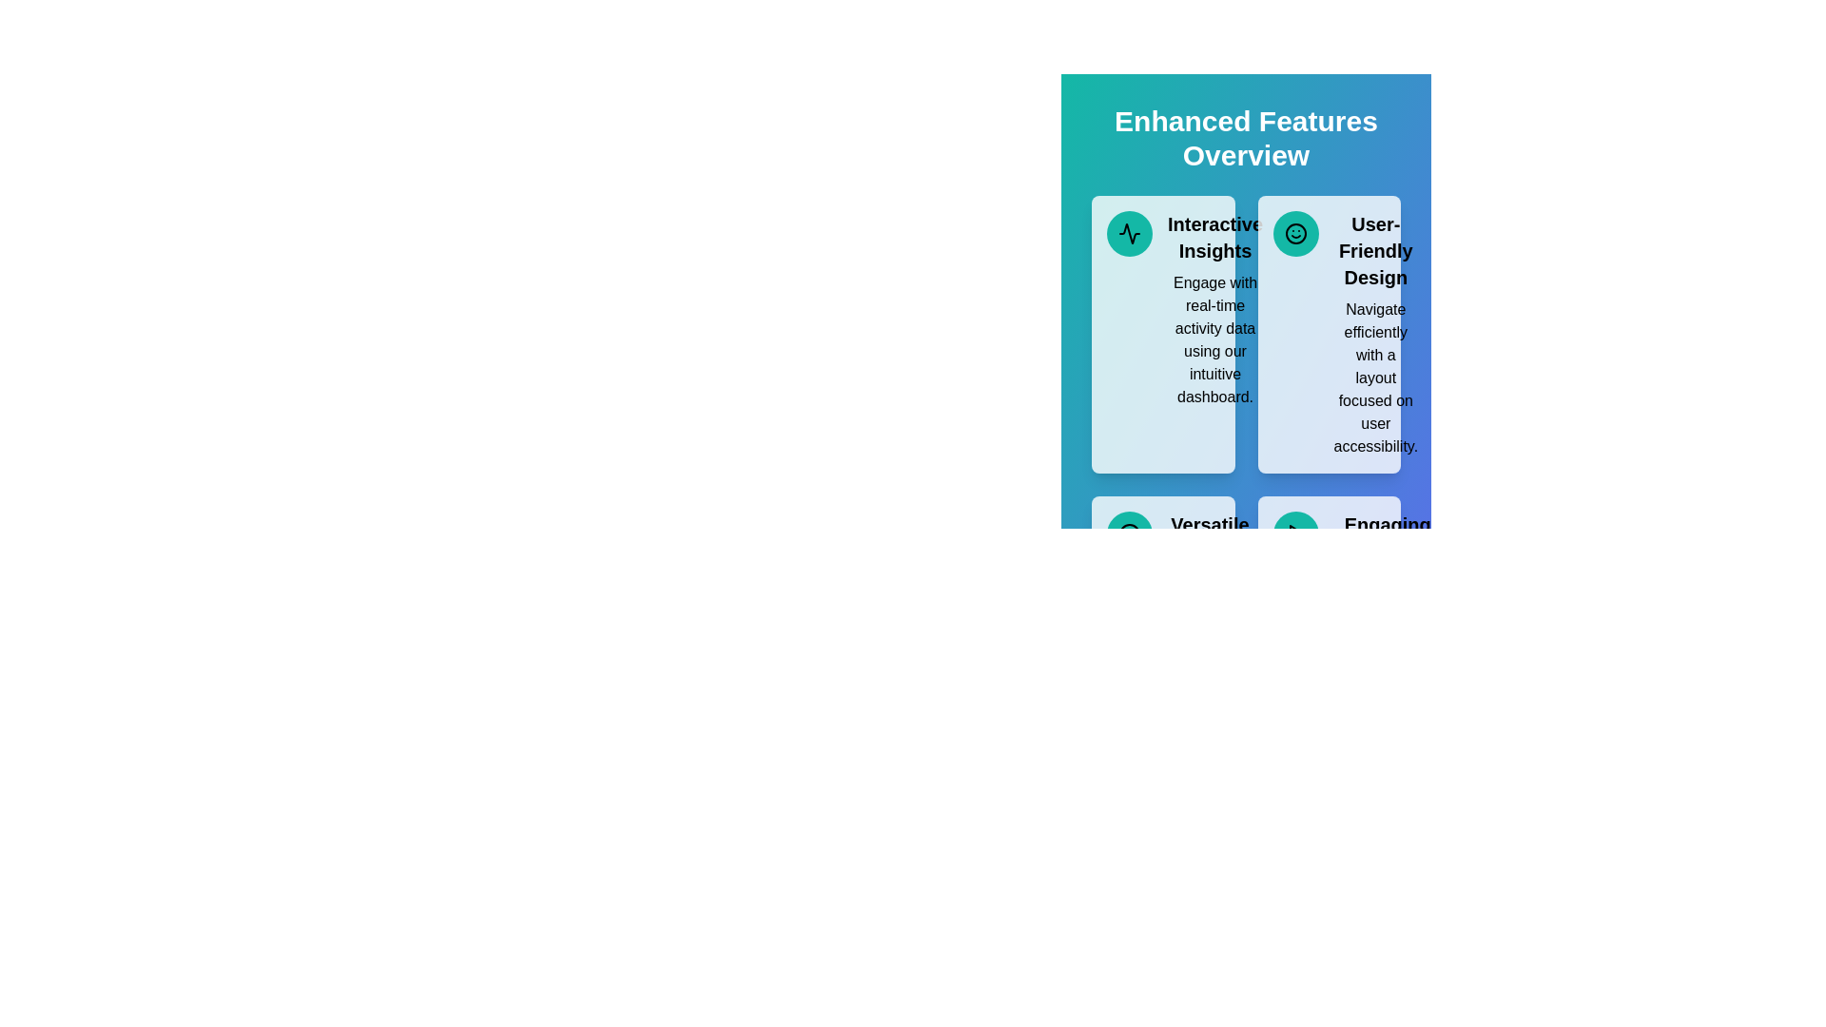 This screenshot has width=1826, height=1027. Describe the element at coordinates (1130, 534) in the screenshot. I see `the teal outlined circular SVG graphic element, which is part of a teal circular button in the second row of feature cards` at that location.